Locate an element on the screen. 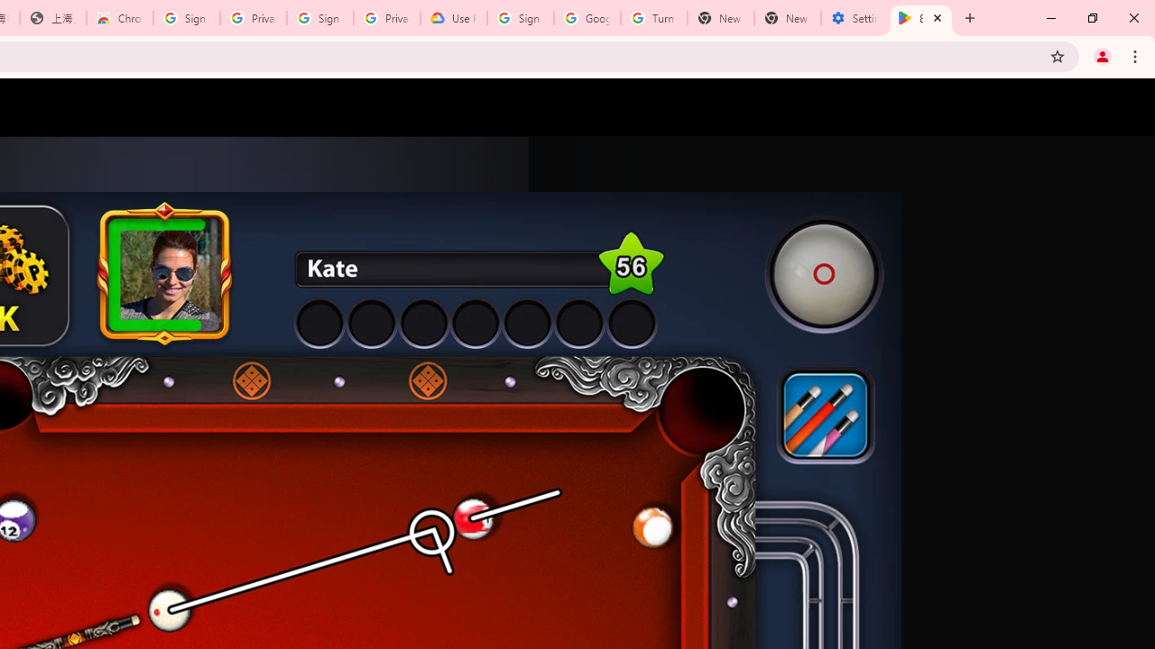 This screenshot has height=649, width=1155. '8 Ball Pool - Apps on Google Play' is located at coordinates (921, 18).